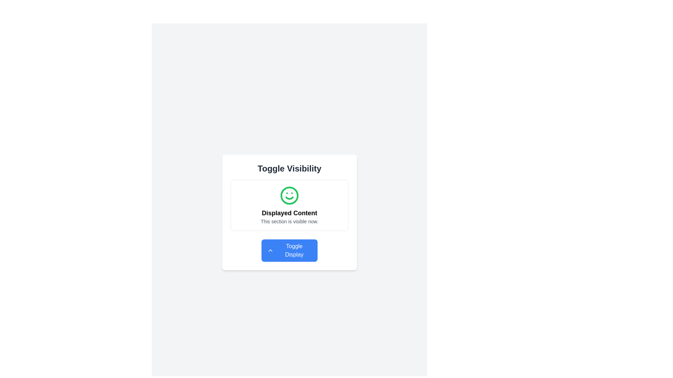 This screenshot has width=673, height=378. Describe the element at coordinates (289, 213) in the screenshot. I see `the text label displaying 'Displayed Content', which is styled in bold and larger font, positioned above a smaller text and below a green smiley icon` at that location.